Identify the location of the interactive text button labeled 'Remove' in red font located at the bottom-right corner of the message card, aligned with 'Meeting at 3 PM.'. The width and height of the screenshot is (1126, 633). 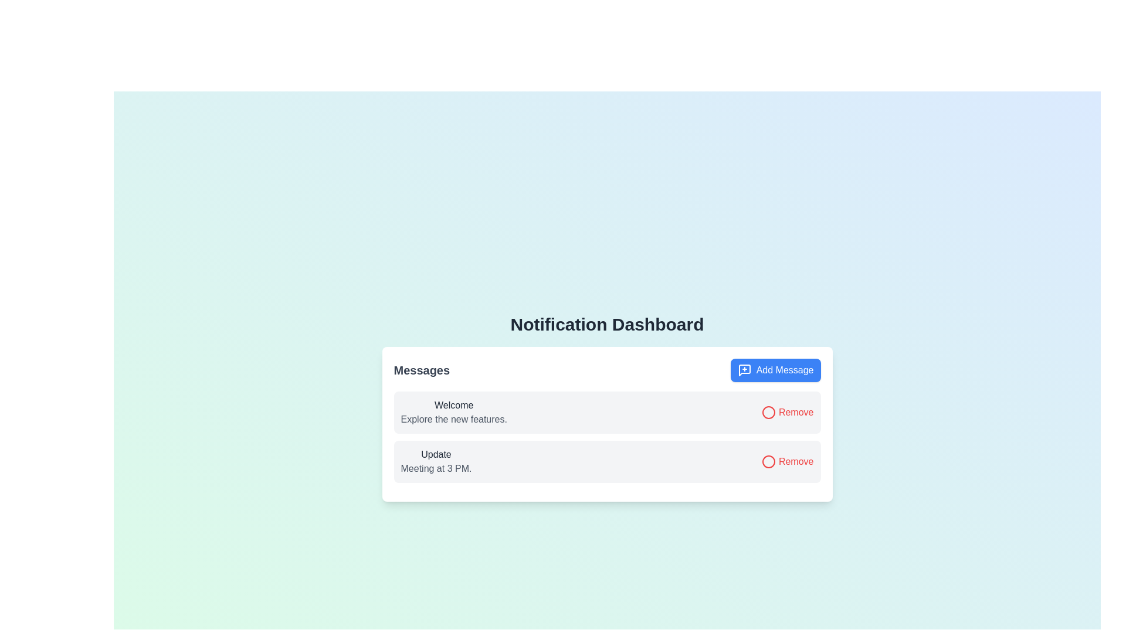
(788, 461).